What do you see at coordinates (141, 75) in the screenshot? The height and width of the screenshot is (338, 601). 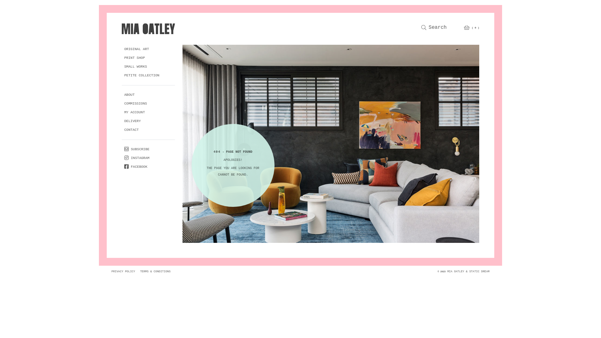 I see `'Petite Collection'` at bounding box center [141, 75].